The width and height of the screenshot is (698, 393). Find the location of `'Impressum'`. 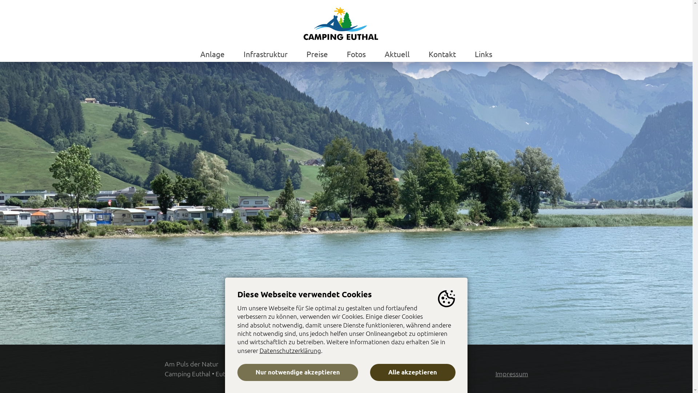

'Impressum' is located at coordinates (495, 373).